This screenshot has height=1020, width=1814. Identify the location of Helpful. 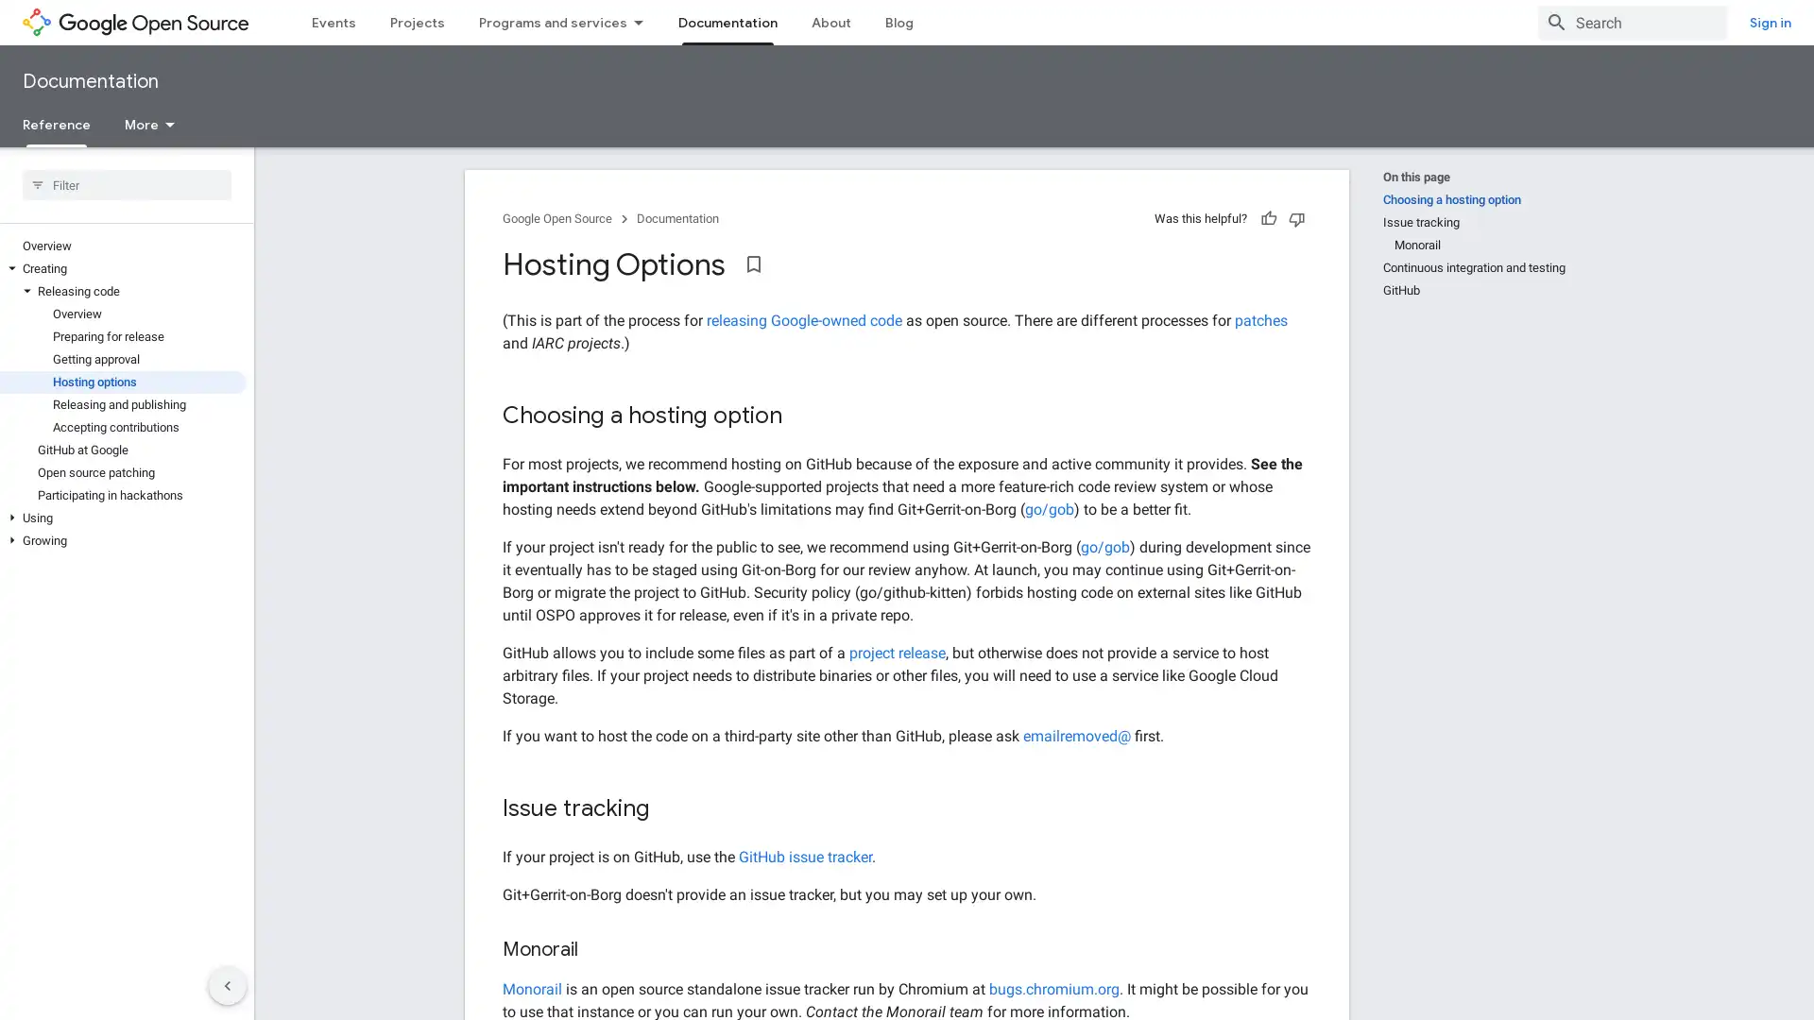
(1269, 217).